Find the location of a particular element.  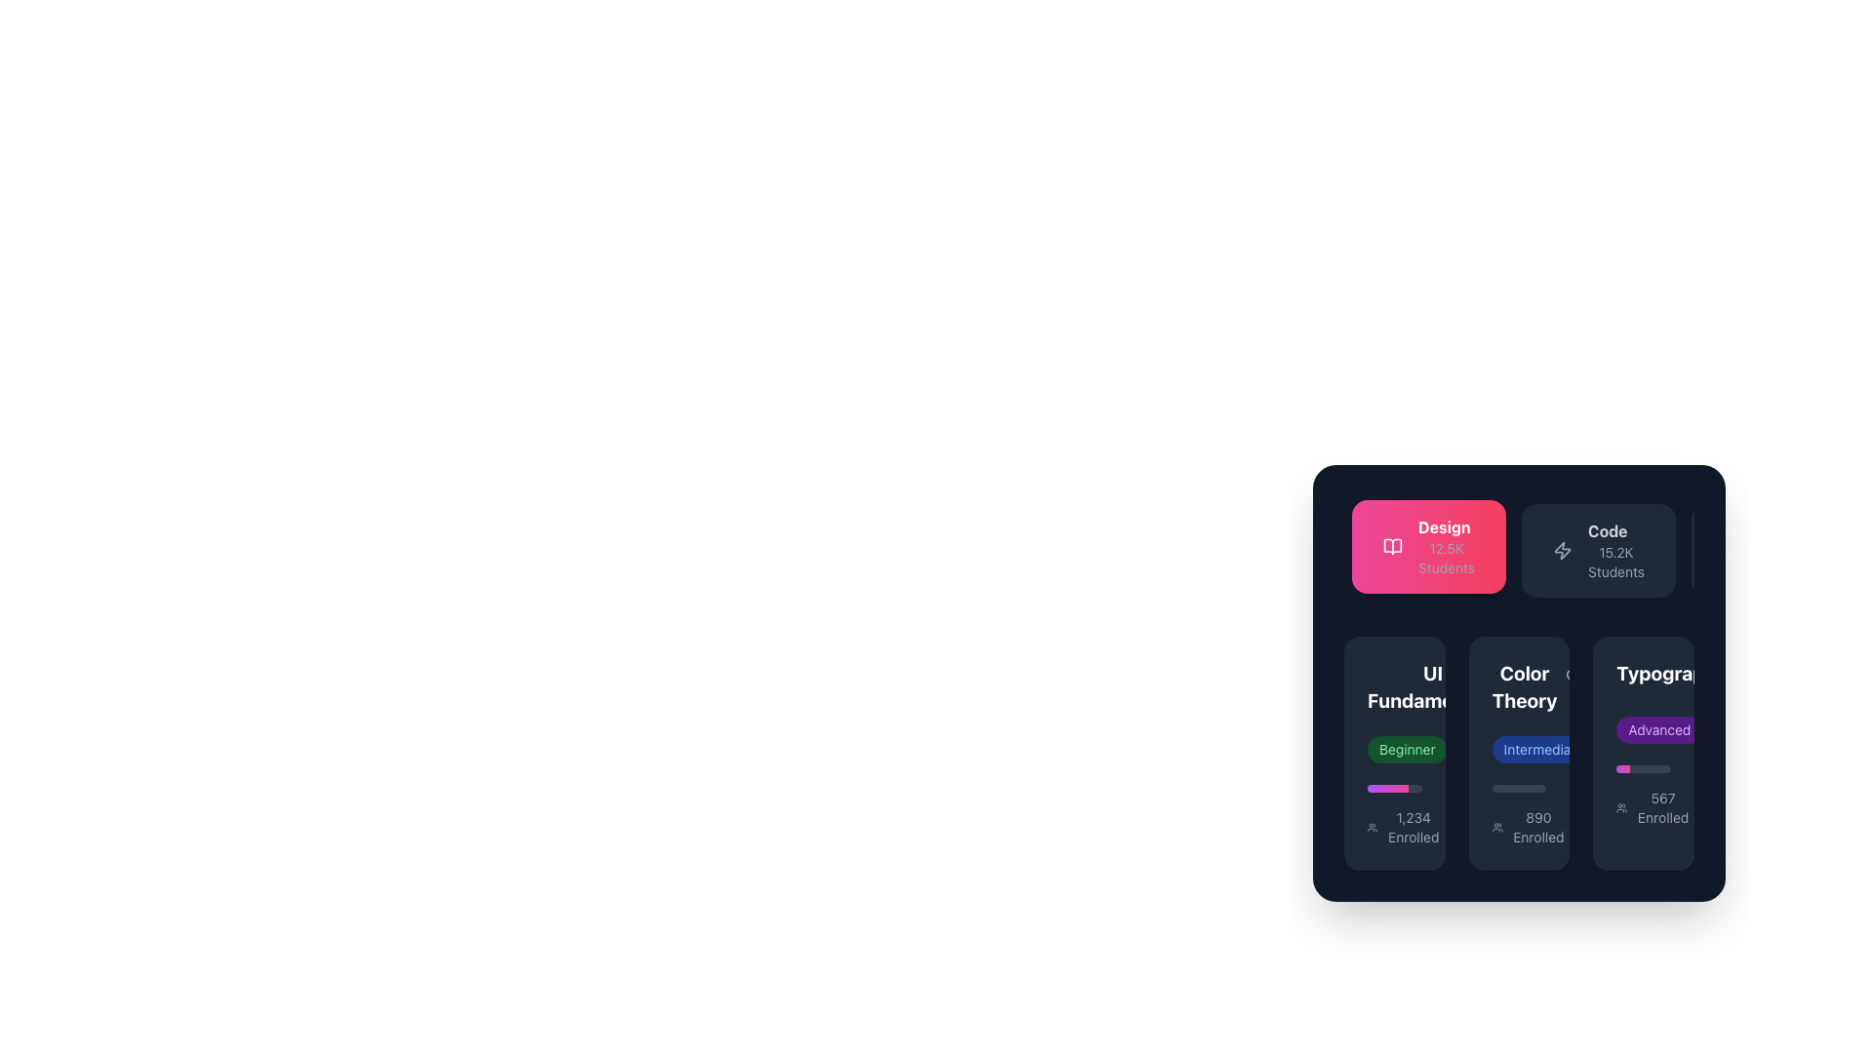

the decorative coding icon located in the top-right corner of the 'Code 15.2K Students' course card, positioned to the left of the card's text is located at coordinates (1563, 550).